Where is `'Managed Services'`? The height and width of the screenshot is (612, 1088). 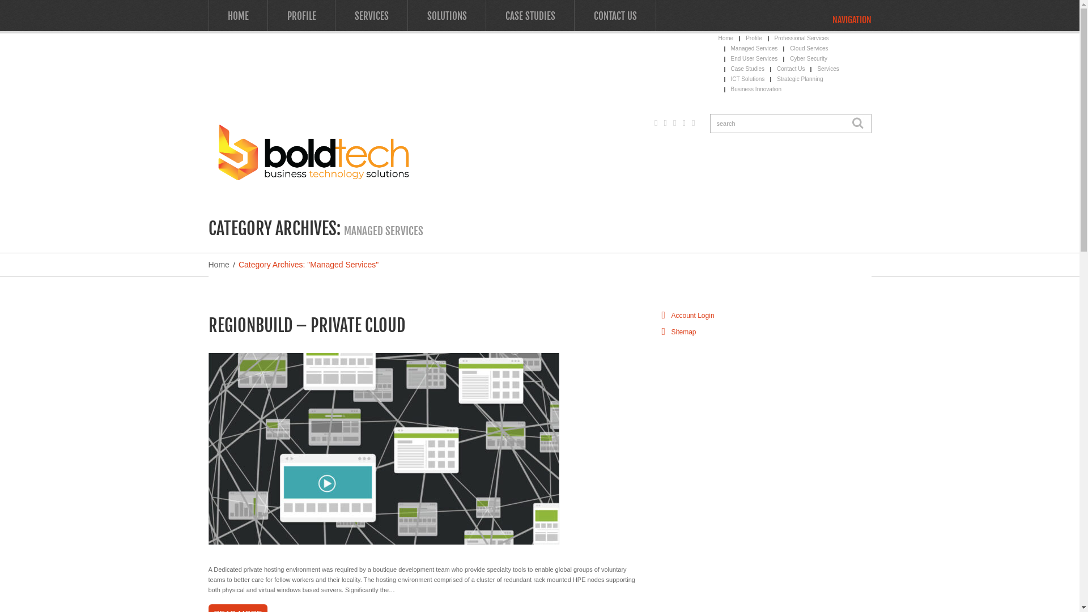
'Managed Services' is located at coordinates (754, 48).